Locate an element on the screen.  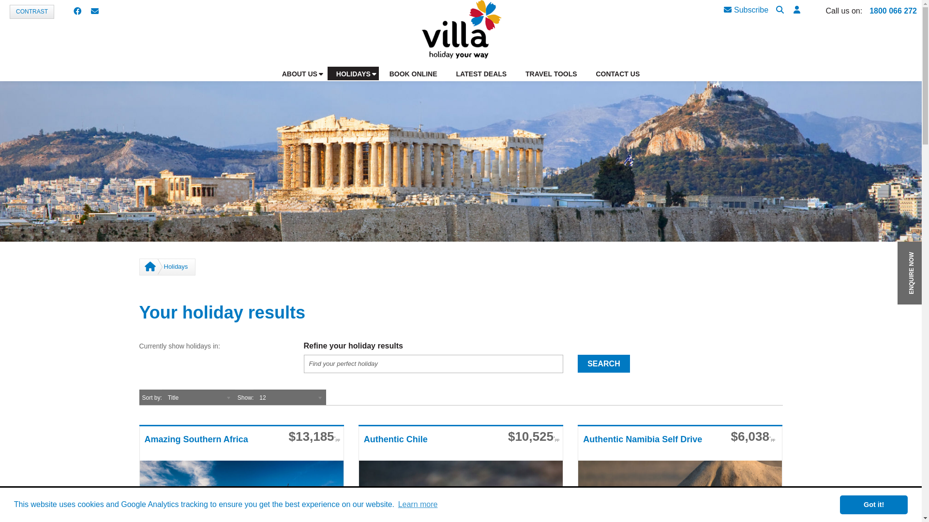
'Got it!' is located at coordinates (873, 504).